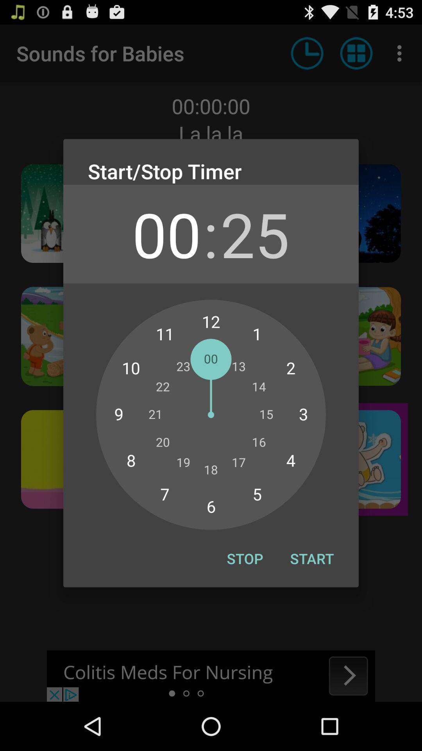 Image resolution: width=422 pixels, height=751 pixels. I want to click on the 00, so click(166, 234).